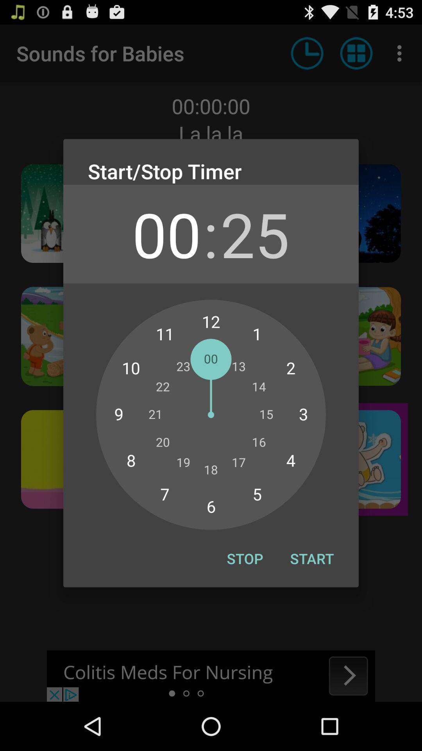 Image resolution: width=422 pixels, height=751 pixels. I want to click on the 00, so click(166, 234).